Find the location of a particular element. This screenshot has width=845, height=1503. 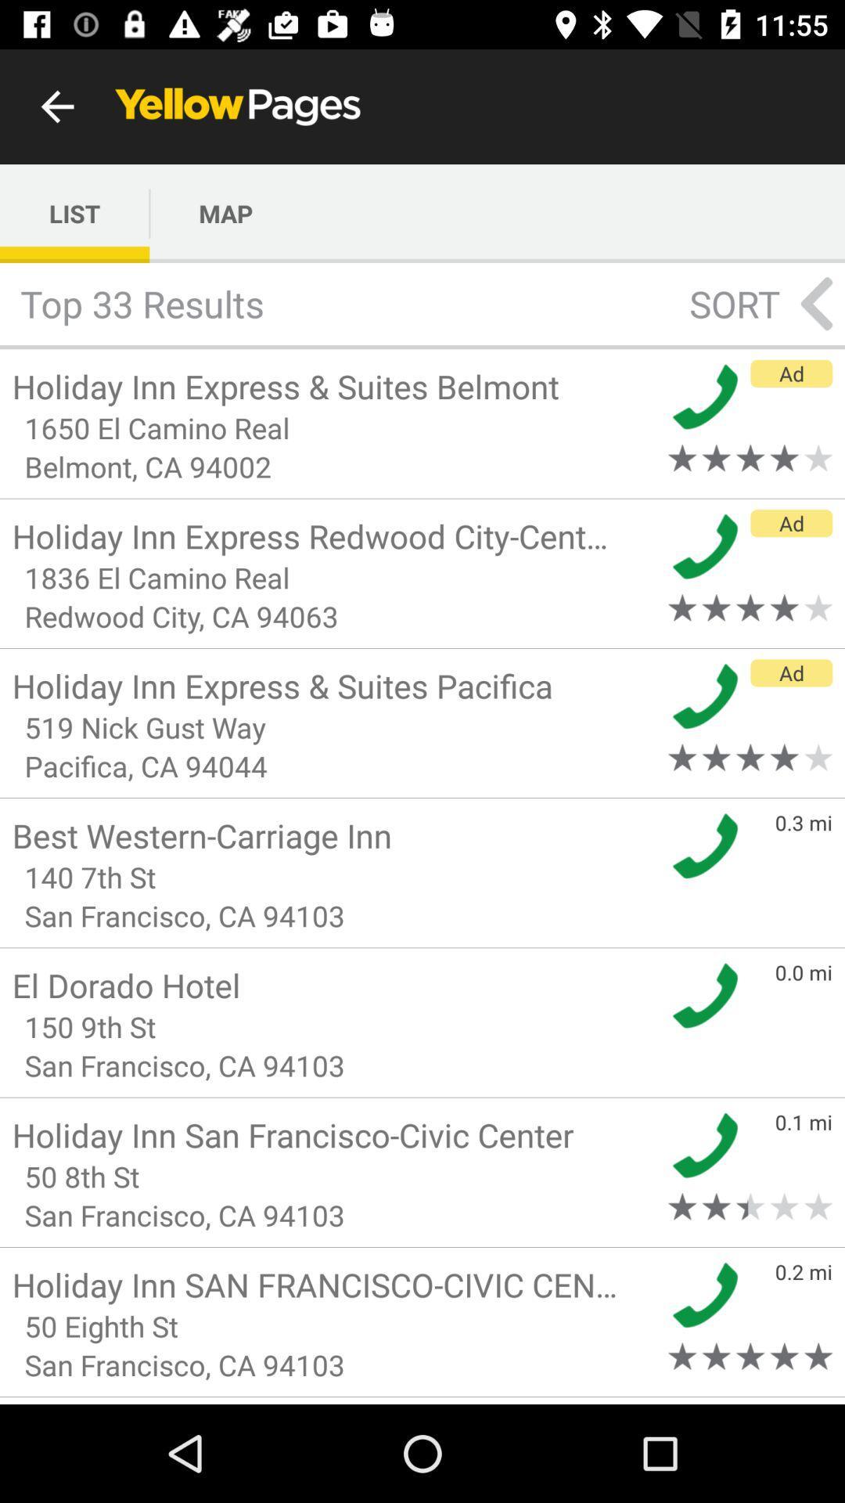

icon to the right of the list item is located at coordinates (225, 213).